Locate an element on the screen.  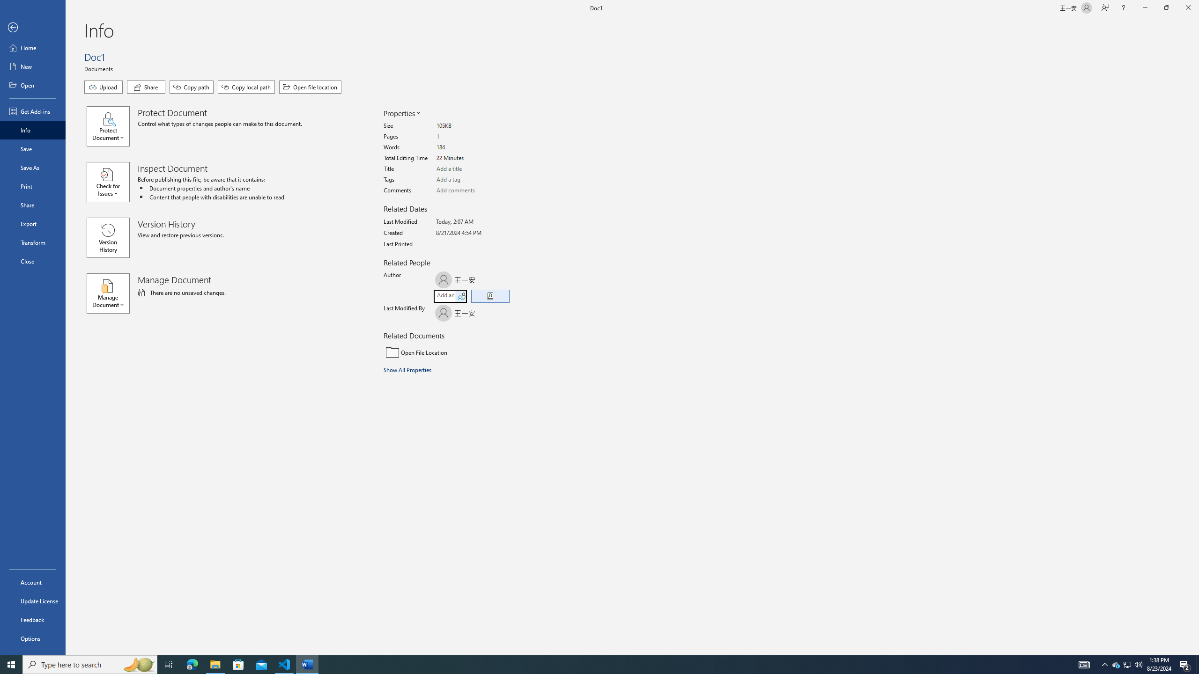
'Properties' is located at coordinates (401, 113).